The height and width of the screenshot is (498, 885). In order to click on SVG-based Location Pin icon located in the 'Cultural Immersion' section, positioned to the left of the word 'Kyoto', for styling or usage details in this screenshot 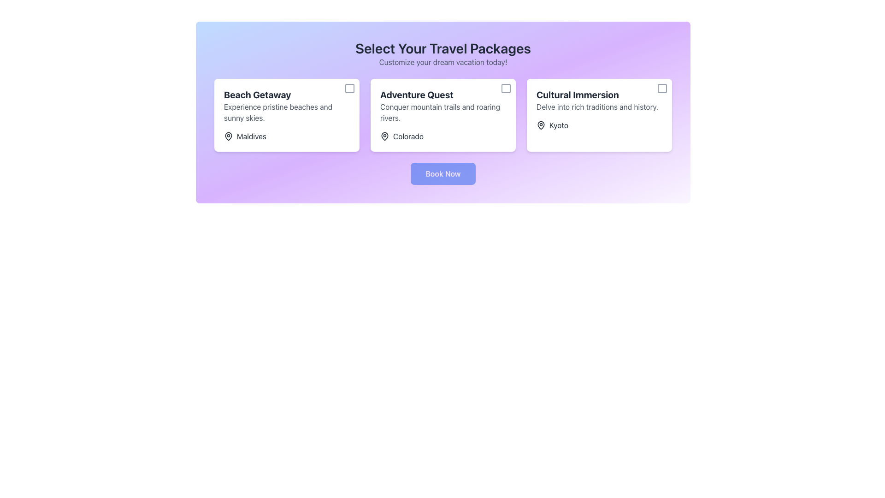, I will do `click(541, 125)`.